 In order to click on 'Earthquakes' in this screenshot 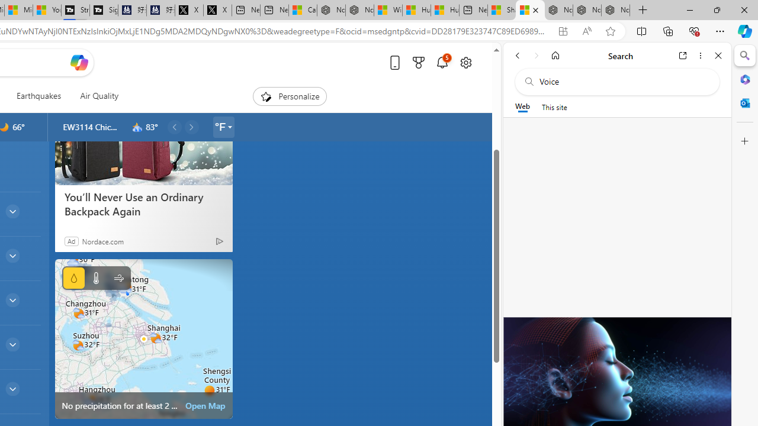, I will do `click(38, 96)`.